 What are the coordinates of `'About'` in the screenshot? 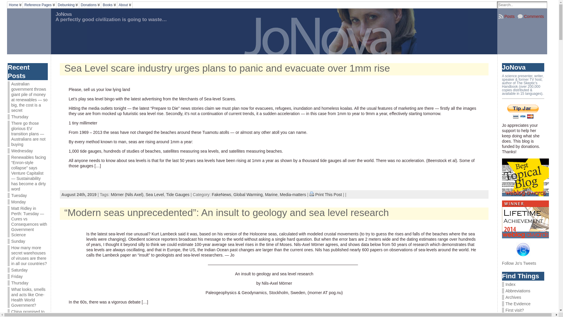 It's located at (124, 5).